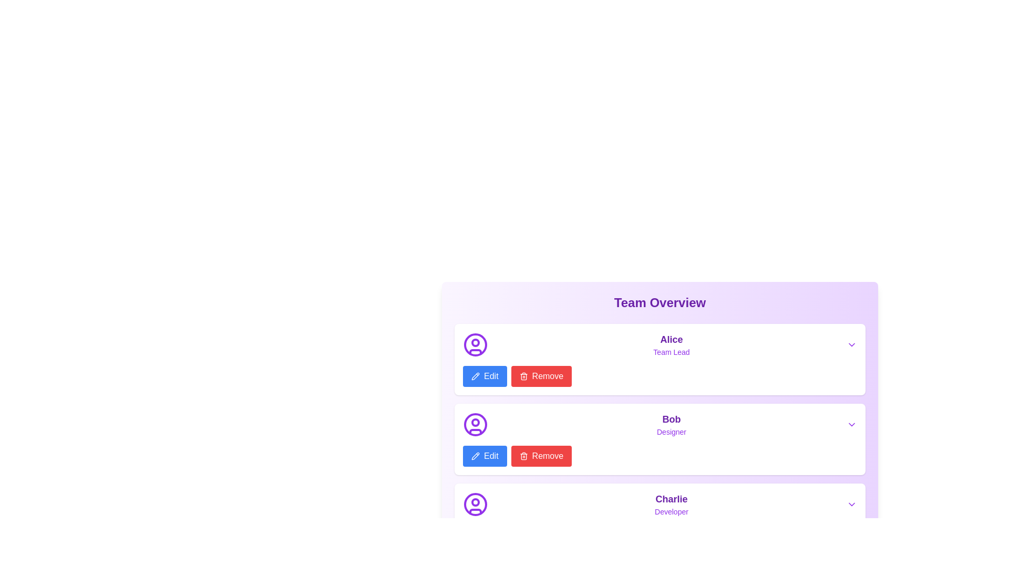 This screenshot has height=567, width=1009. What do you see at coordinates (475, 424) in the screenshot?
I see `the User profile icon, which is a purple circular outline with a head and shoulders shape, located to the left of 'Bob' in the 'Team Overview' section` at bounding box center [475, 424].